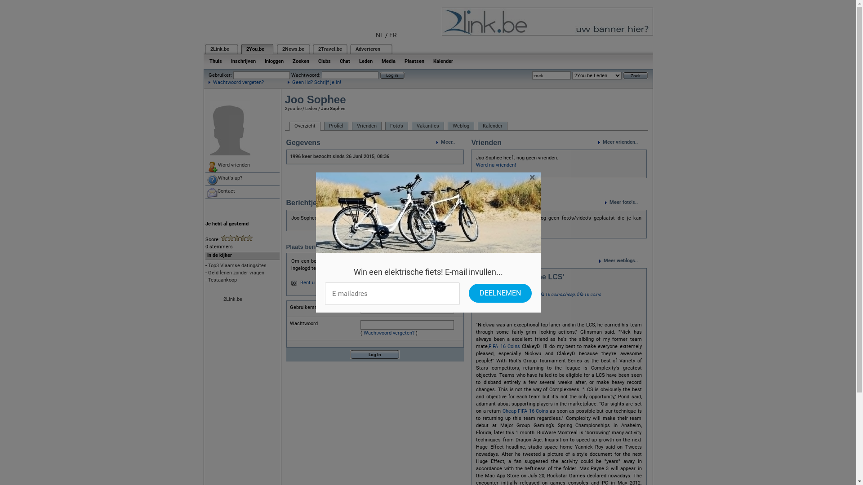 This screenshot has width=863, height=485. I want to click on 'Inschrijven', so click(243, 61).